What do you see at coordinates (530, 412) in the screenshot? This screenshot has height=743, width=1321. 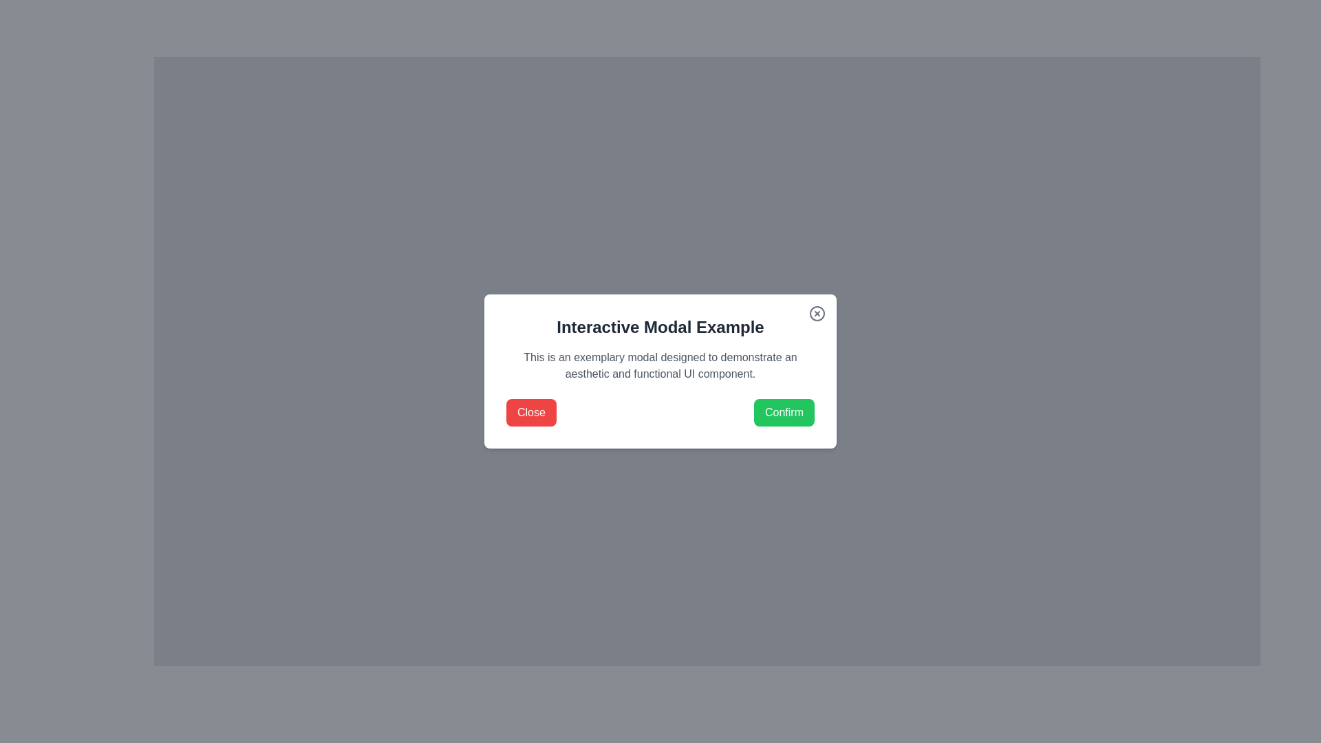 I see `the red close button located at the bottom-left side of the modal dialog box` at bounding box center [530, 412].